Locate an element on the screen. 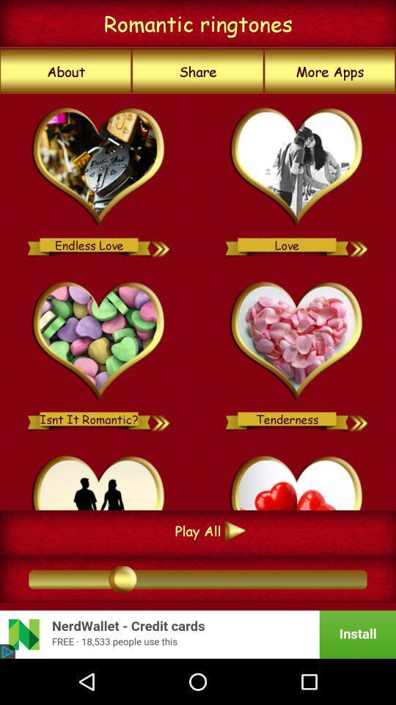 The height and width of the screenshot is (705, 396). pick ringtone is located at coordinates (297, 341).